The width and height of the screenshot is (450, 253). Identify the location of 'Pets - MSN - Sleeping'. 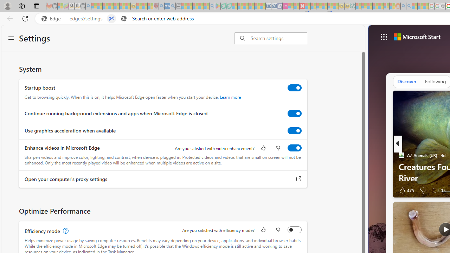
(200, 6).